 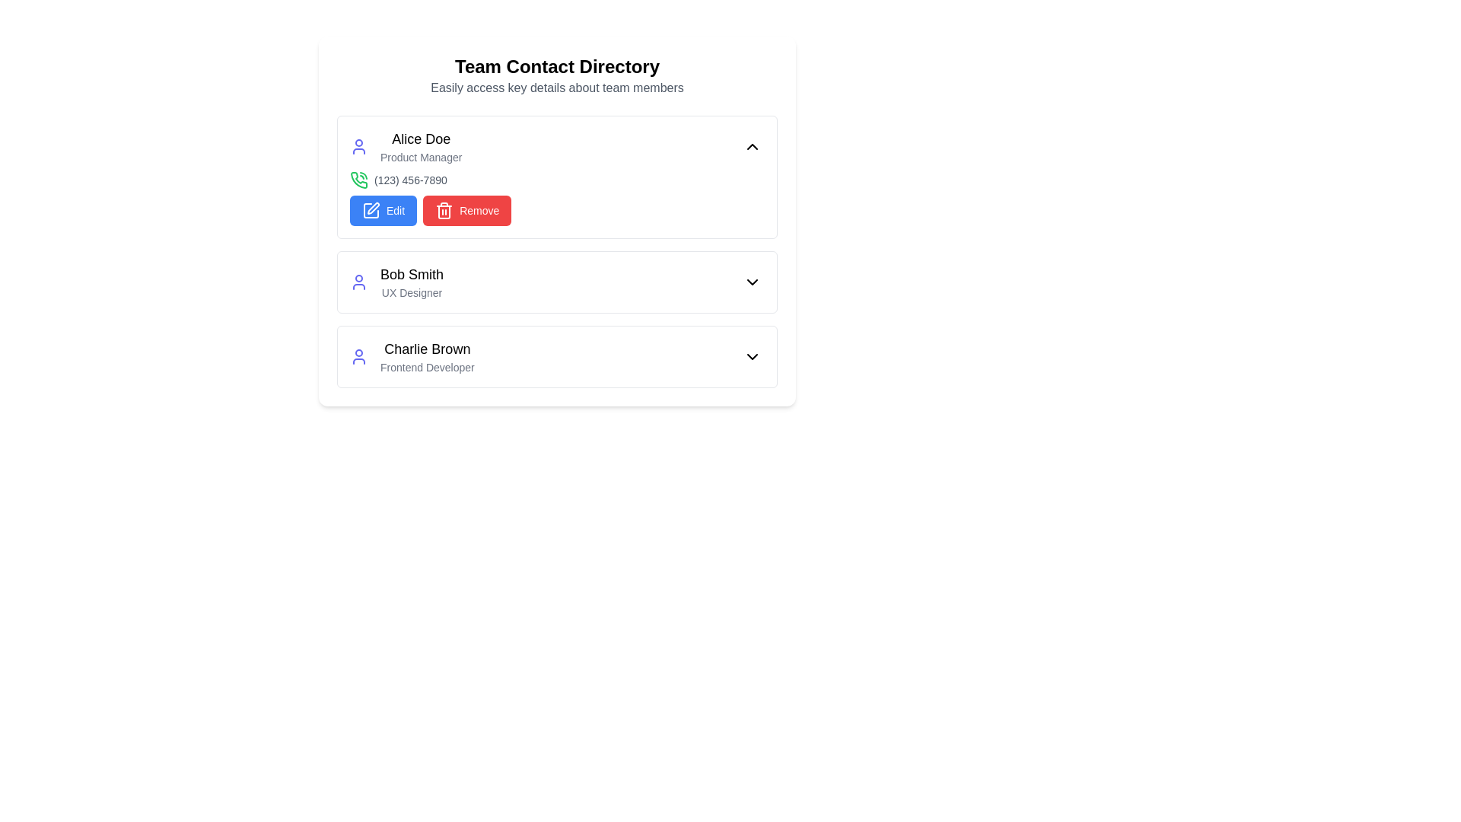 What do you see at coordinates (556, 76) in the screenshot?
I see `text from the Header with subtitle that displays 'Team Contact Directory' and 'Easily access key details about team members'` at bounding box center [556, 76].